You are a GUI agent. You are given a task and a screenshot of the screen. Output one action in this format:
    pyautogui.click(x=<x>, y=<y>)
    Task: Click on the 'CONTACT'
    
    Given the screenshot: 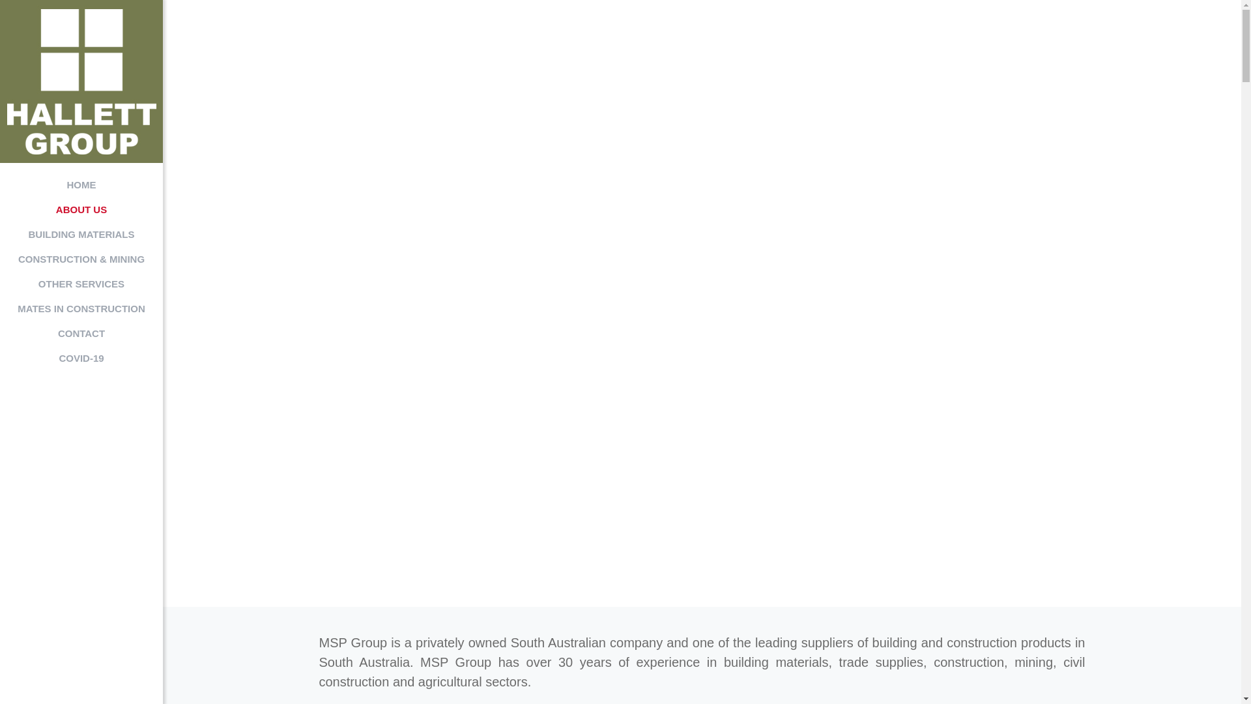 What is the action you would take?
    pyautogui.click(x=80, y=333)
    